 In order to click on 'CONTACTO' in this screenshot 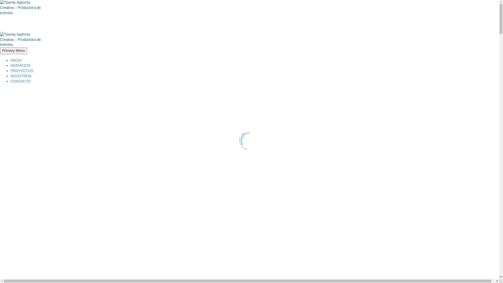, I will do `click(20, 81)`.